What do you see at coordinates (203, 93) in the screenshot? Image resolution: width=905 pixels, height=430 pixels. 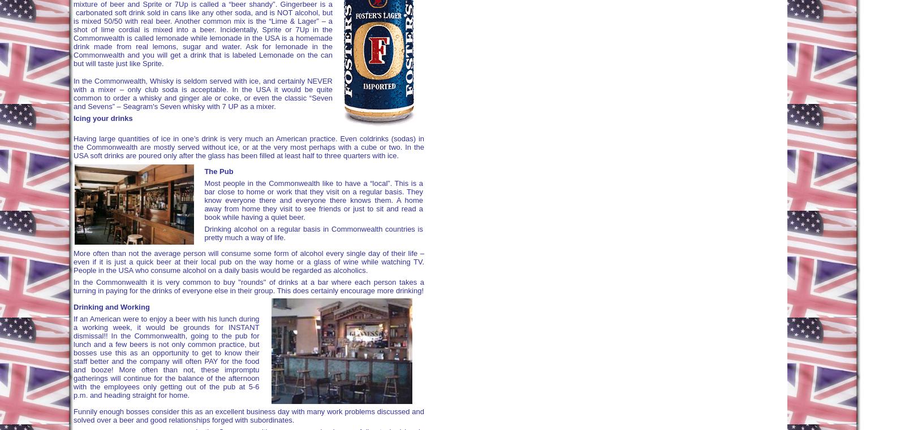 I see `'In
      the Commonwealth, Whisky is seldom served with ice, and certainly NEVER
      with a mixer – only club soda is acceptable. In the USA it would be
      quite common to order a whisky and ginger ale or coke, or even the classic
      “Seven and Sevens” – Seagram's Seven whisky with 7 UP as a mixer.'` at bounding box center [203, 93].